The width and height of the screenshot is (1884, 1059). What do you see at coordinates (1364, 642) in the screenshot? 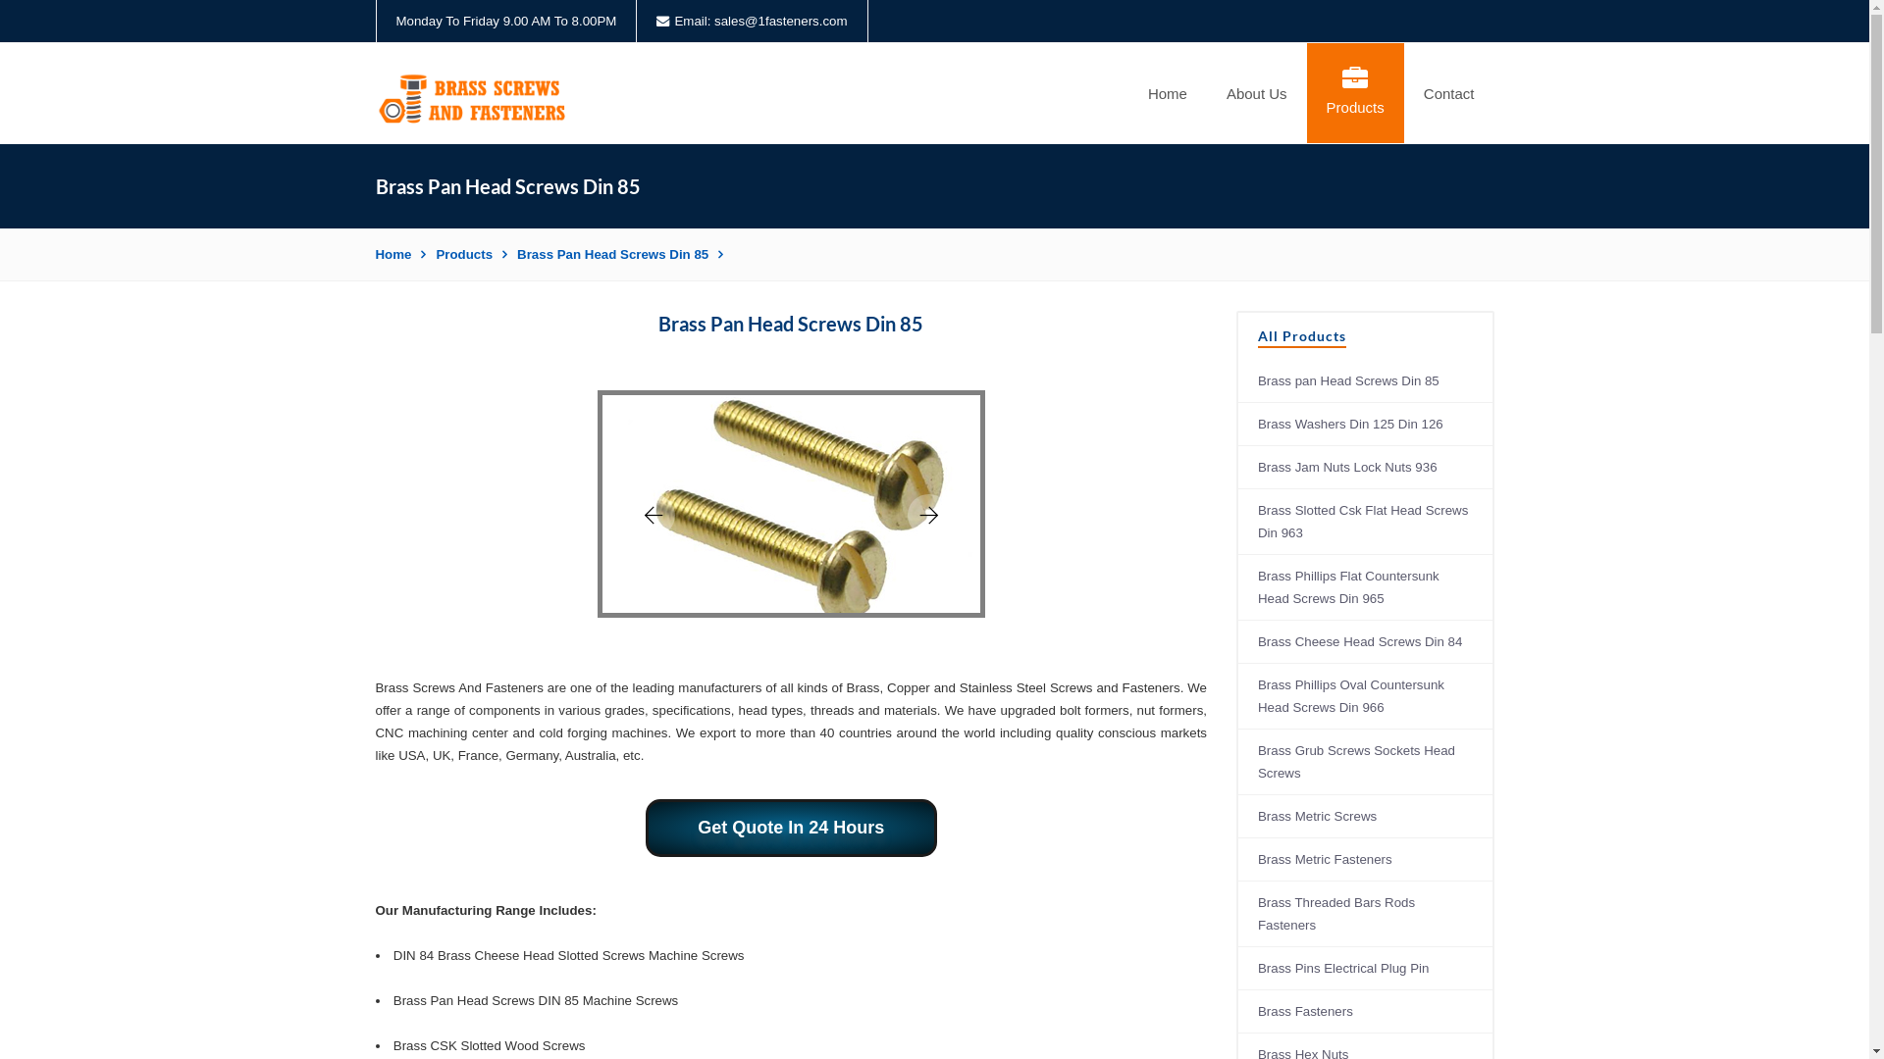
I see `'Brass Cheese Head Screws Din 84'` at bounding box center [1364, 642].